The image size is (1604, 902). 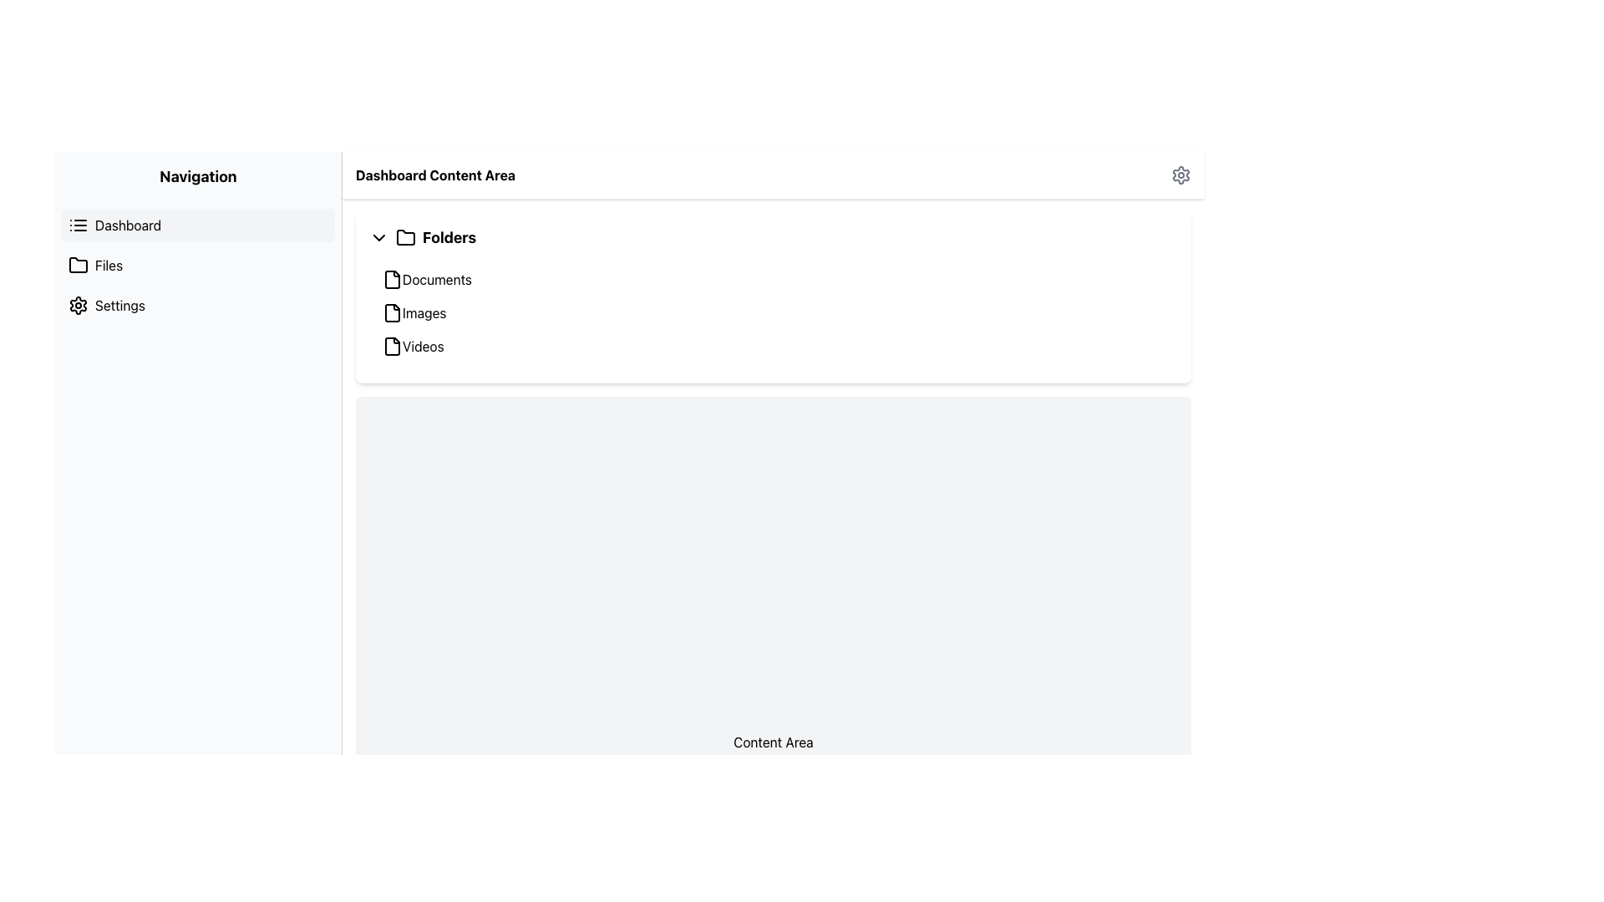 What do you see at coordinates (198, 225) in the screenshot?
I see `the top-most Navigation Menu Item in the sidebar that links to the Dashboard section` at bounding box center [198, 225].